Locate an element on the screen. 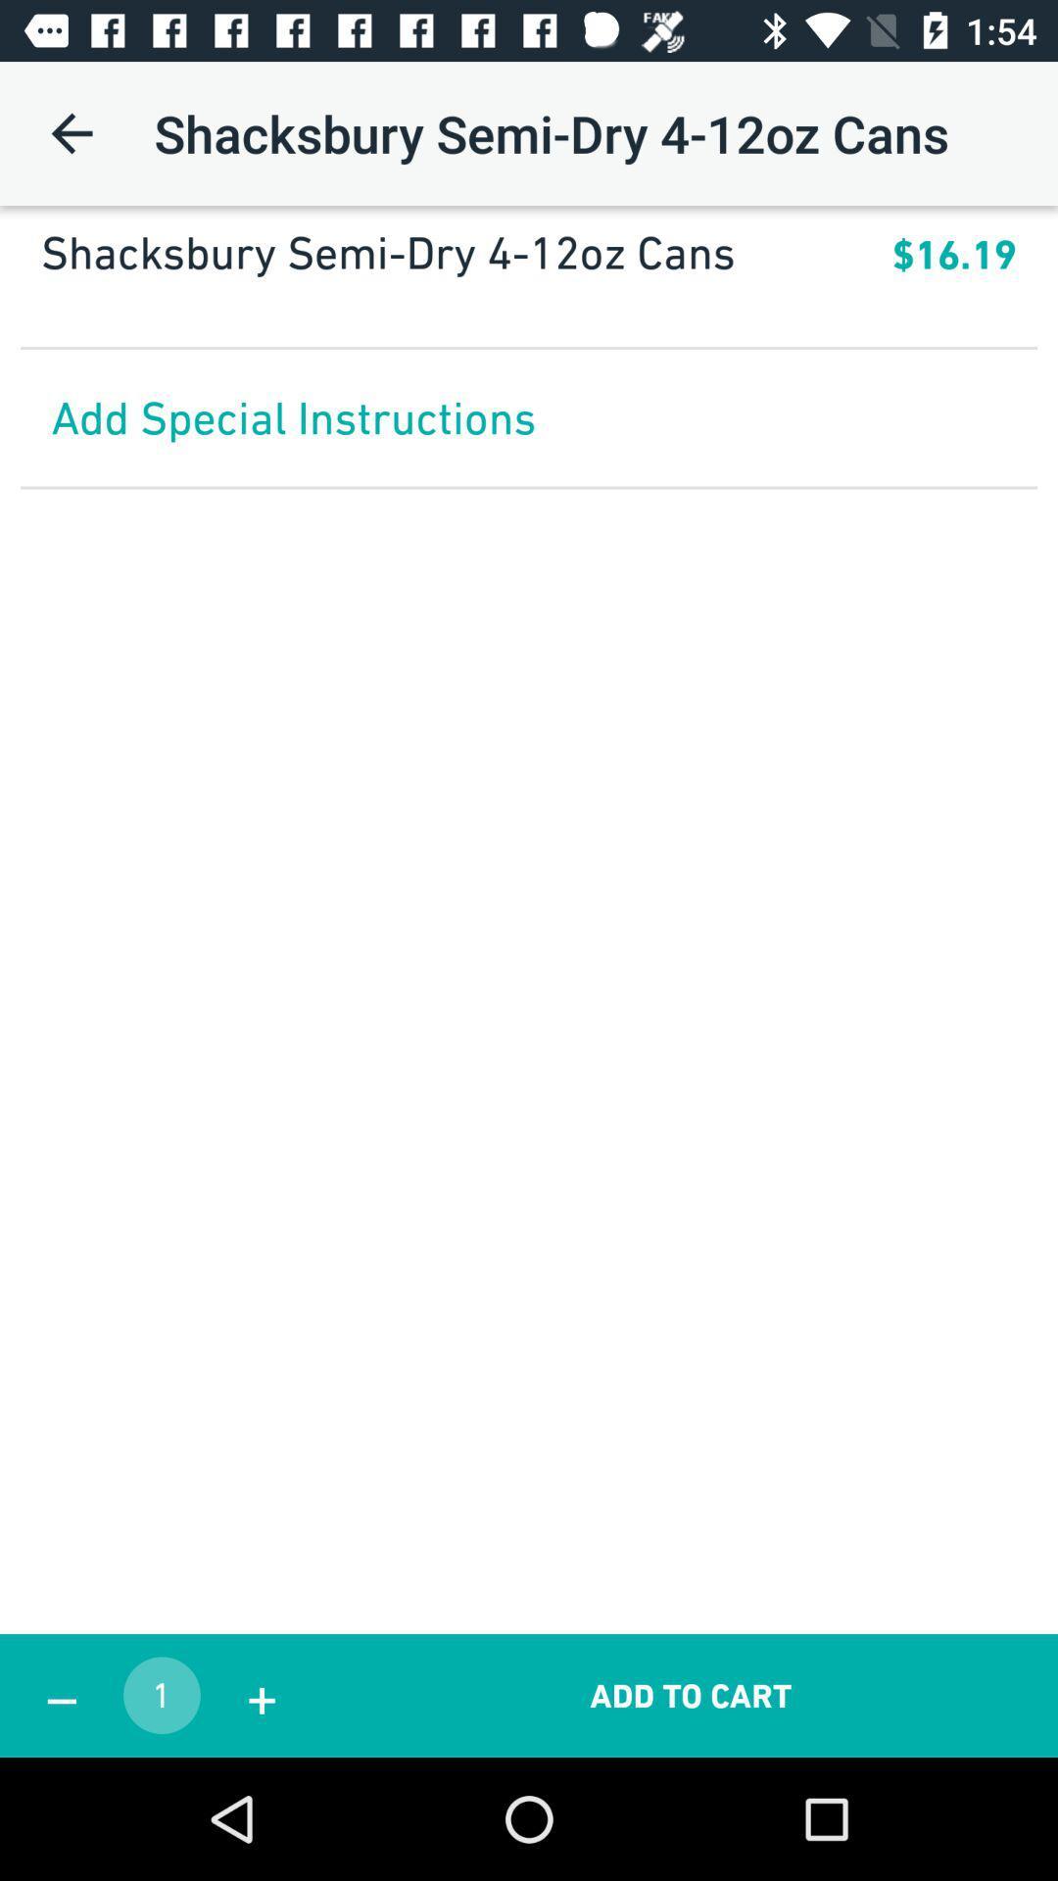  the icon next to the shacksbury semi dry icon is located at coordinates (71, 132).